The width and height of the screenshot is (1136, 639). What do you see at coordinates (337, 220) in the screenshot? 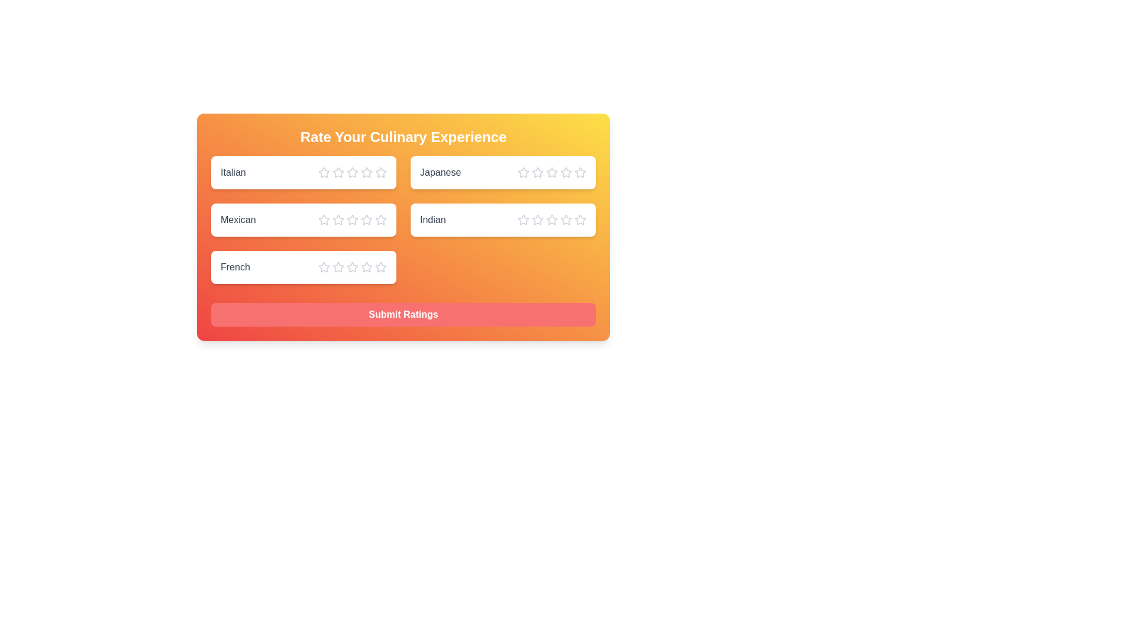
I see `the star corresponding to the rating 2 for the cuisine Mexican` at bounding box center [337, 220].